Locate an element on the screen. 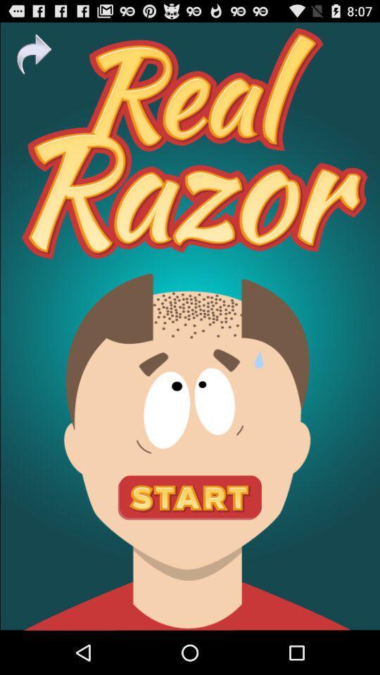 The image size is (380, 675). the redo icon is located at coordinates (34, 58).